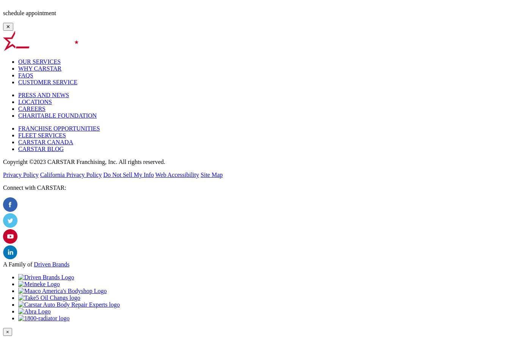 The height and width of the screenshot is (345, 518). What do you see at coordinates (32, 108) in the screenshot?
I see `'CAREERS'` at bounding box center [32, 108].